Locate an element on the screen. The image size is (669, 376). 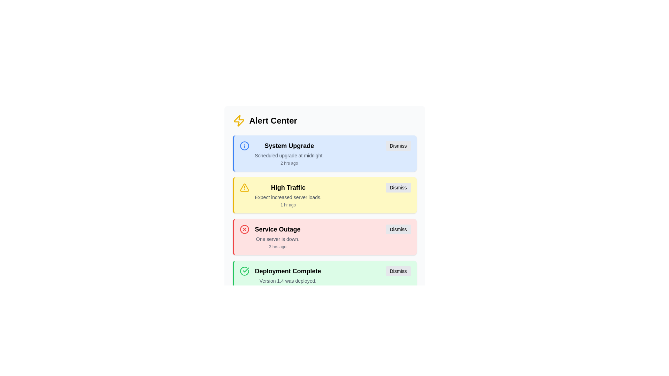
time information displayed in the Text label located in the bottom-right area of the 'Service Outage' alert box, immediately below the message 'One server is down.' is located at coordinates (277, 246).